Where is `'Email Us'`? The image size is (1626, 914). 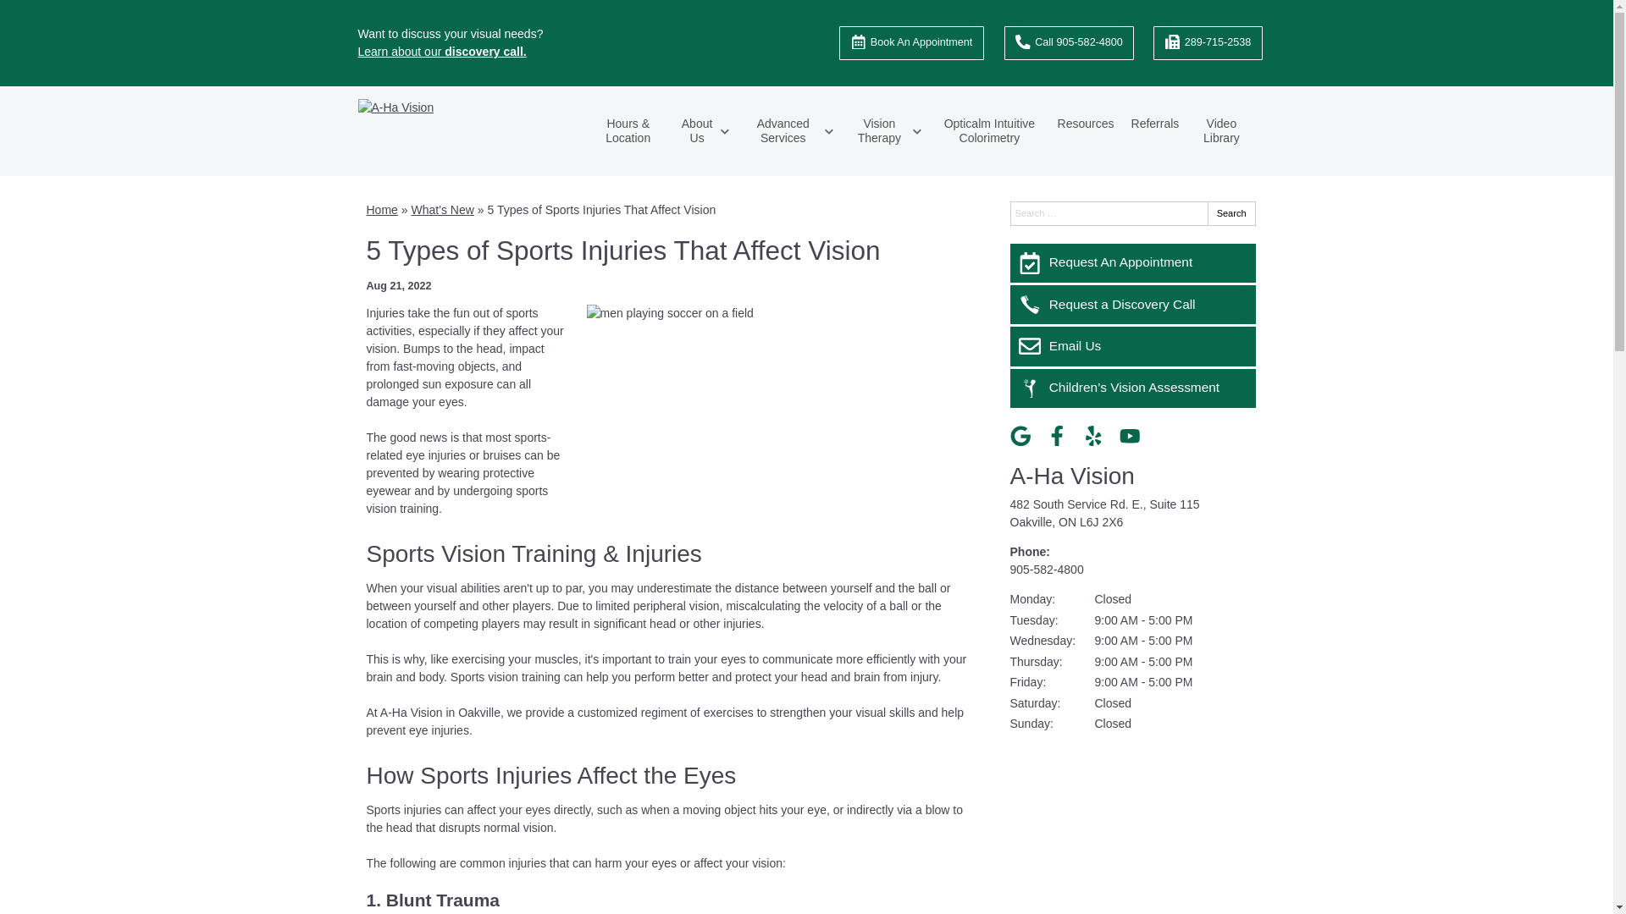 'Email Us' is located at coordinates (1132, 344).